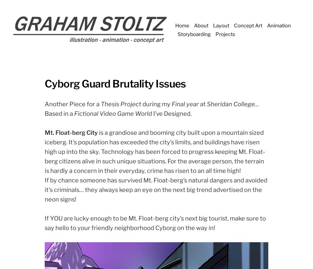 The width and height of the screenshot is (313, 269). I want to click on 'If by chance someone has survived Mt. Float-berg’s natural dangers and avoided it’s criminals… they always keep an eye on the next big trend advertised on the neon signs!', so click(156, 189).